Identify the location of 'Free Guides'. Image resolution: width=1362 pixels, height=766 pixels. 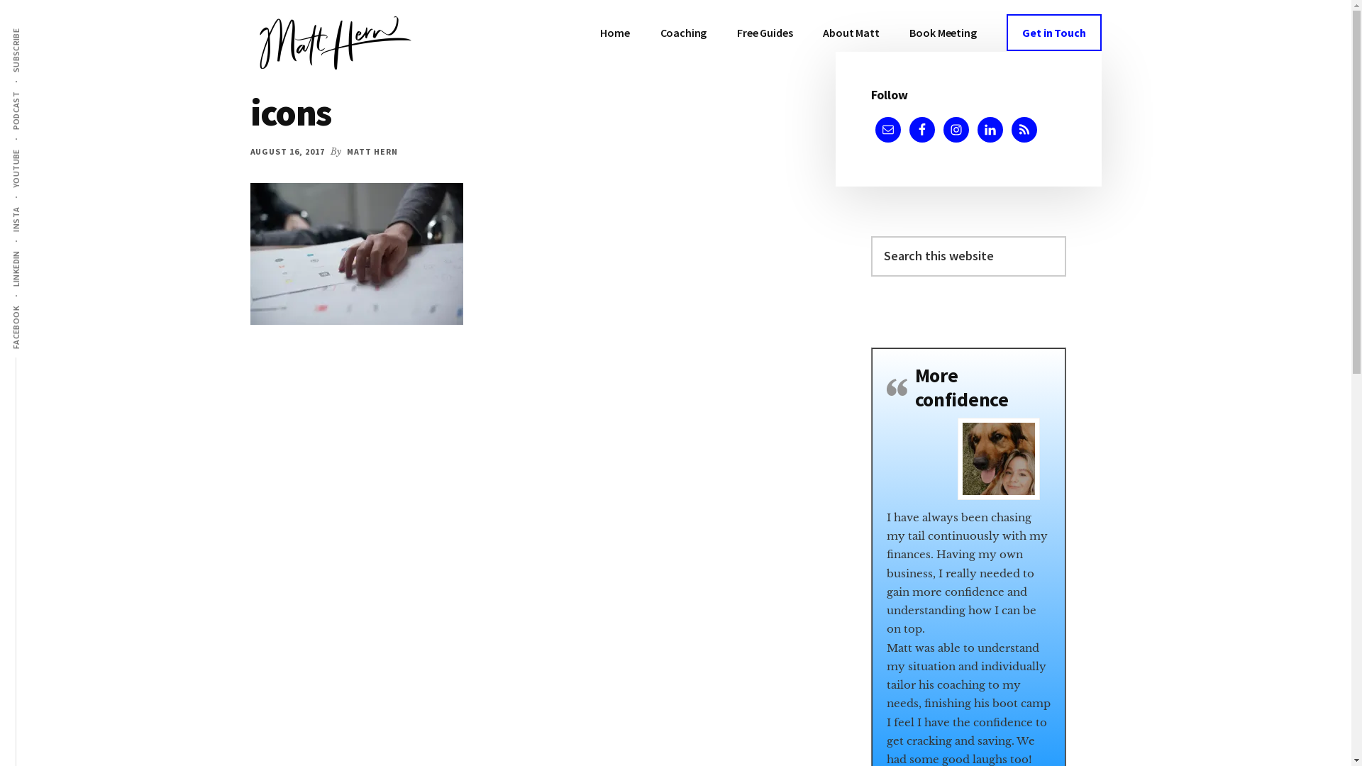
(764, 32).